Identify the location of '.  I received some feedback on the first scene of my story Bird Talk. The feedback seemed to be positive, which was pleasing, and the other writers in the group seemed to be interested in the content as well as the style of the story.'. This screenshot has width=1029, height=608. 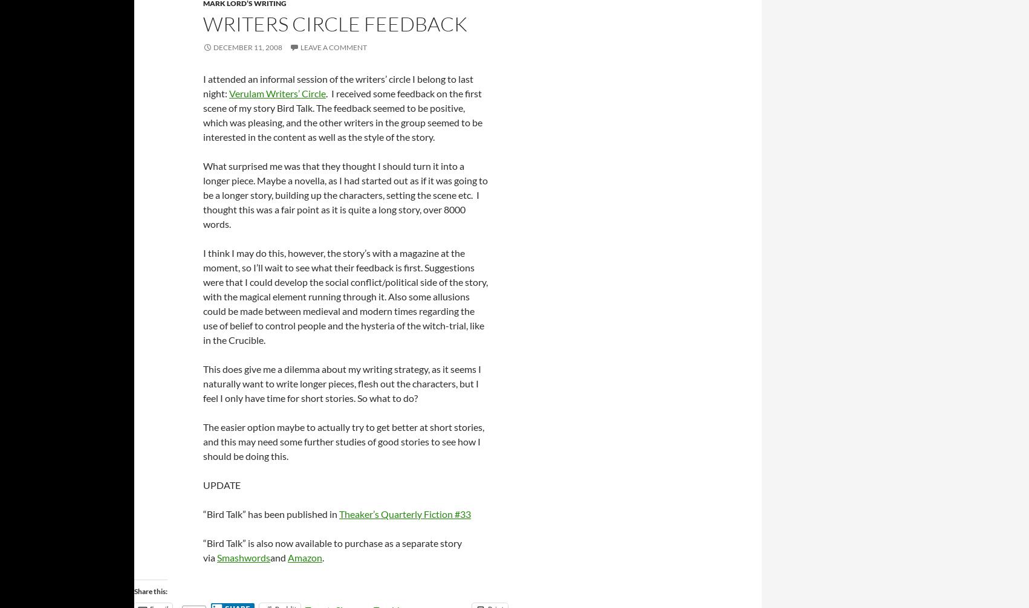
(203, 114).